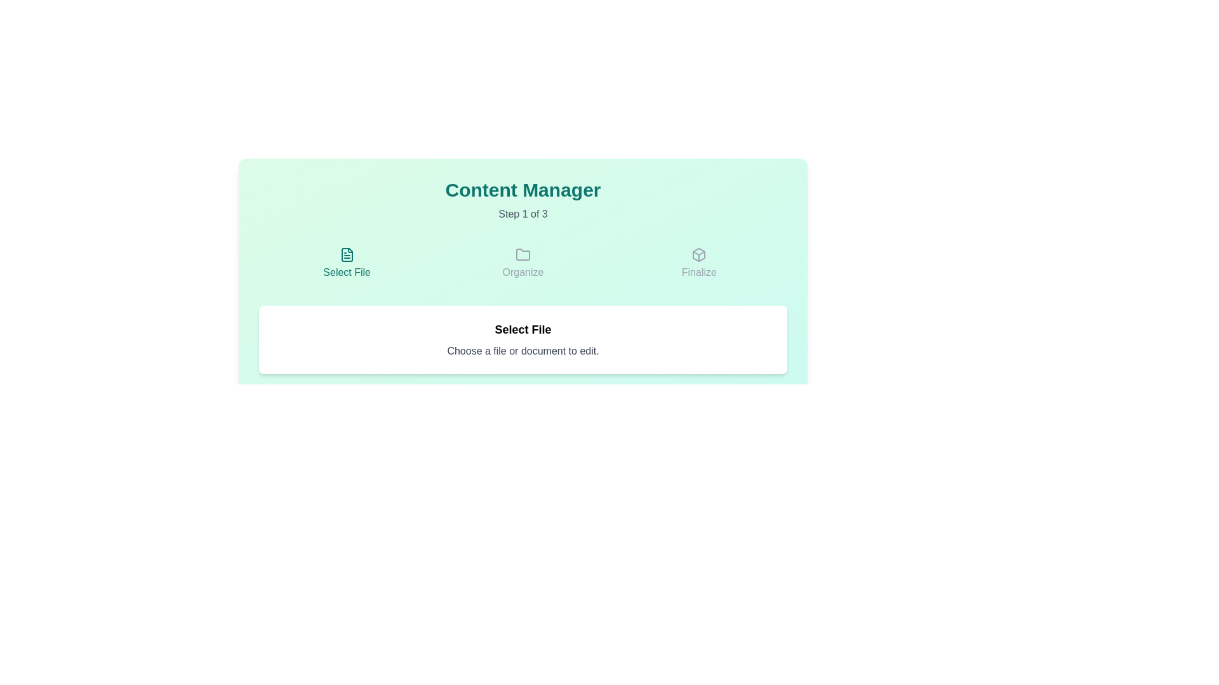 The width and height of the screenshot is (1219, 685). I want to click on the 'Select File' icon located centrally at the top of the interface, so click(347, 254).